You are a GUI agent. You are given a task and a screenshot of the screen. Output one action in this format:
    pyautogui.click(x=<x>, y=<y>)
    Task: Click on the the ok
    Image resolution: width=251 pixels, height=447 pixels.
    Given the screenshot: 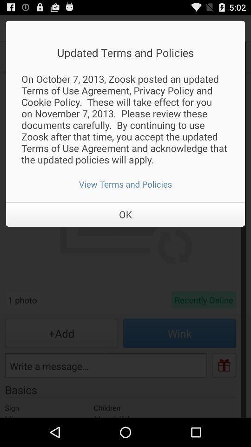 What is the action you would take?
    pyautogui.click(x=125, y=214)
    